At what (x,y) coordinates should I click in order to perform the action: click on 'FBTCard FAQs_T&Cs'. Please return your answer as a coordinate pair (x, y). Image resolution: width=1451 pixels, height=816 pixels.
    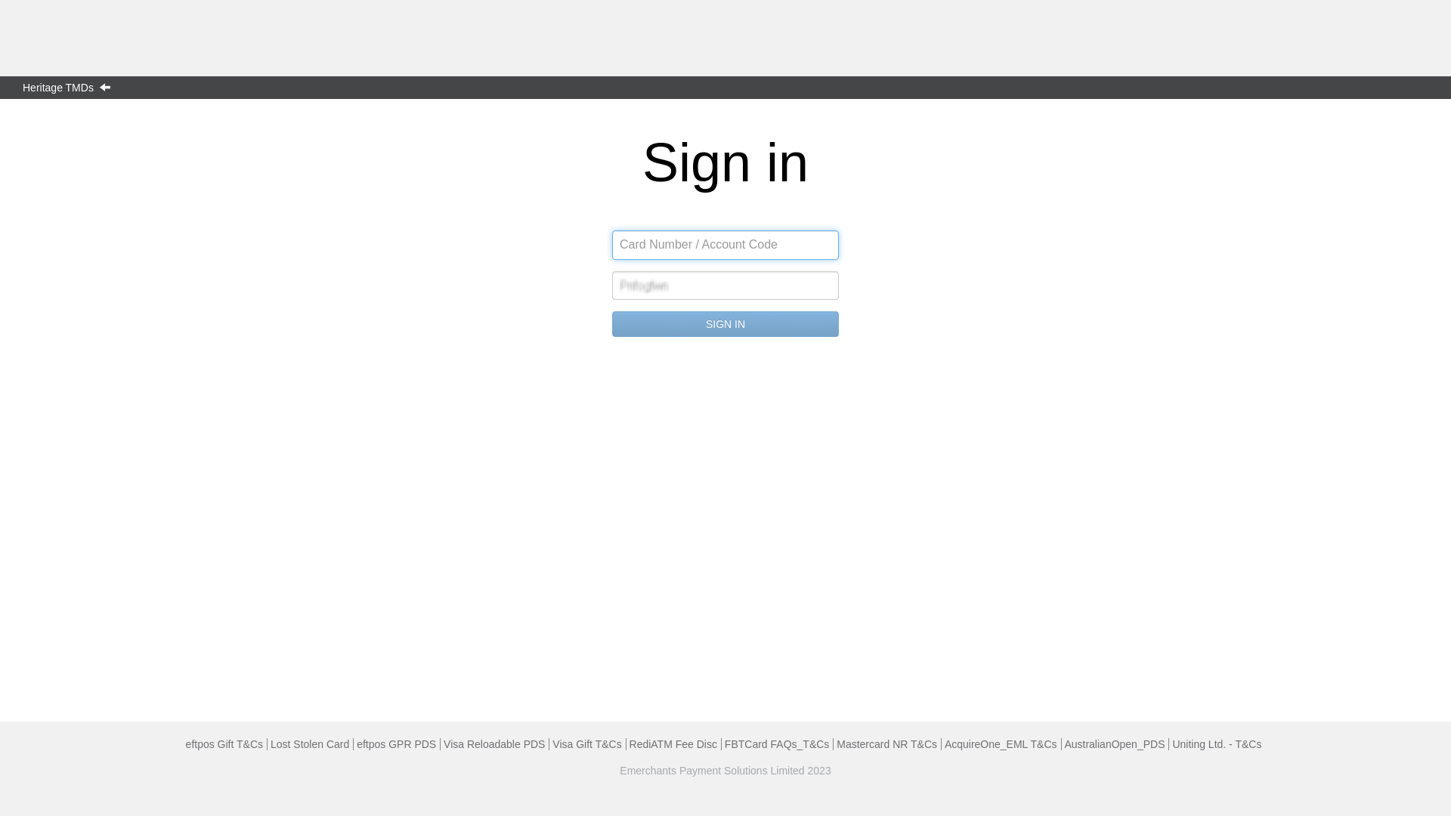
    Looking at the image, I should click on (776, 743).